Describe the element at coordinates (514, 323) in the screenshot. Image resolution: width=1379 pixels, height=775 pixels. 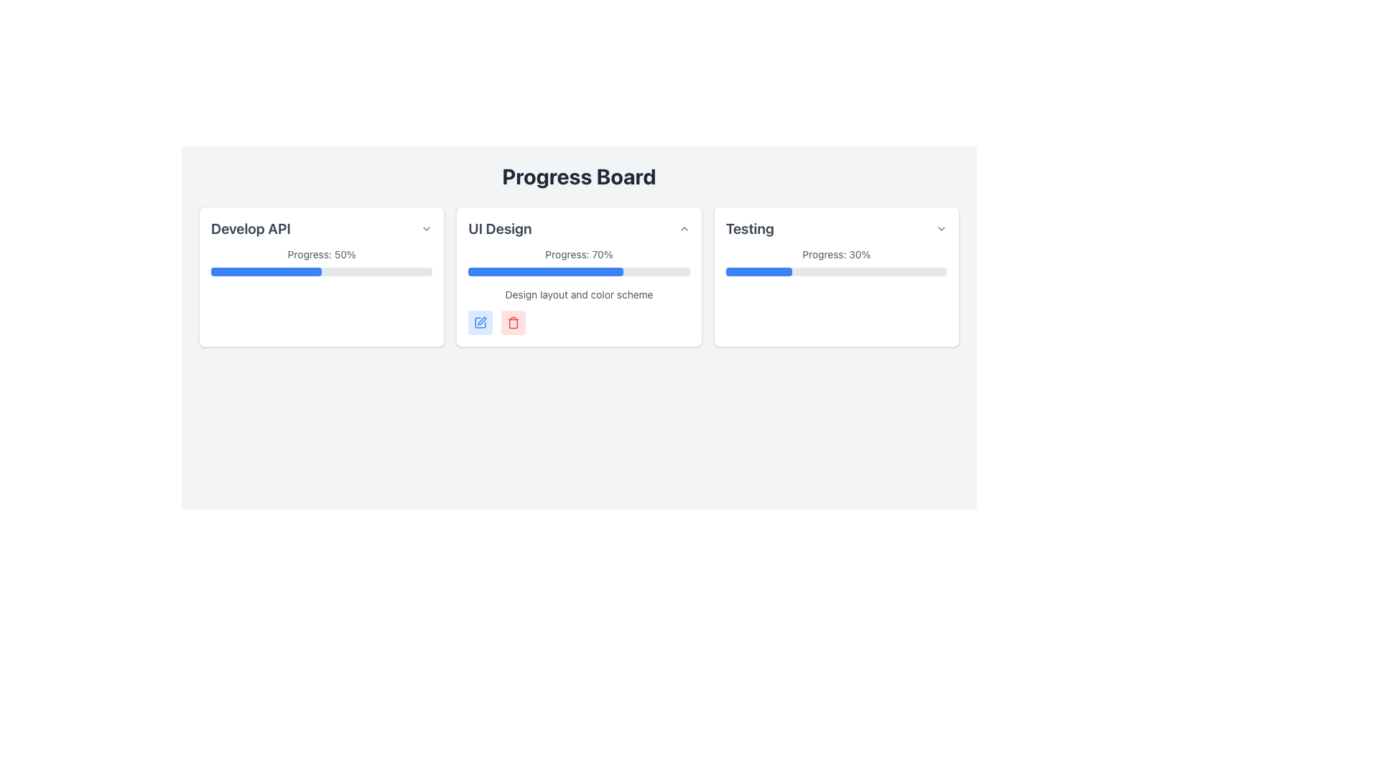
I see `the red trash bin icon button located within the 'UI Design' progress card` at that location.